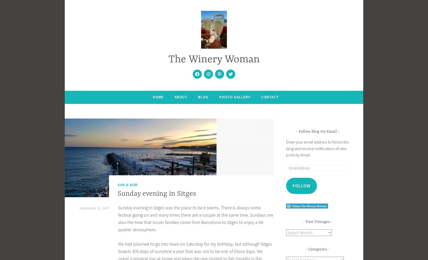 This screenshot has height=260, width=428. I want to click on 'Sunday evening in Sitges', so click(117, 194).